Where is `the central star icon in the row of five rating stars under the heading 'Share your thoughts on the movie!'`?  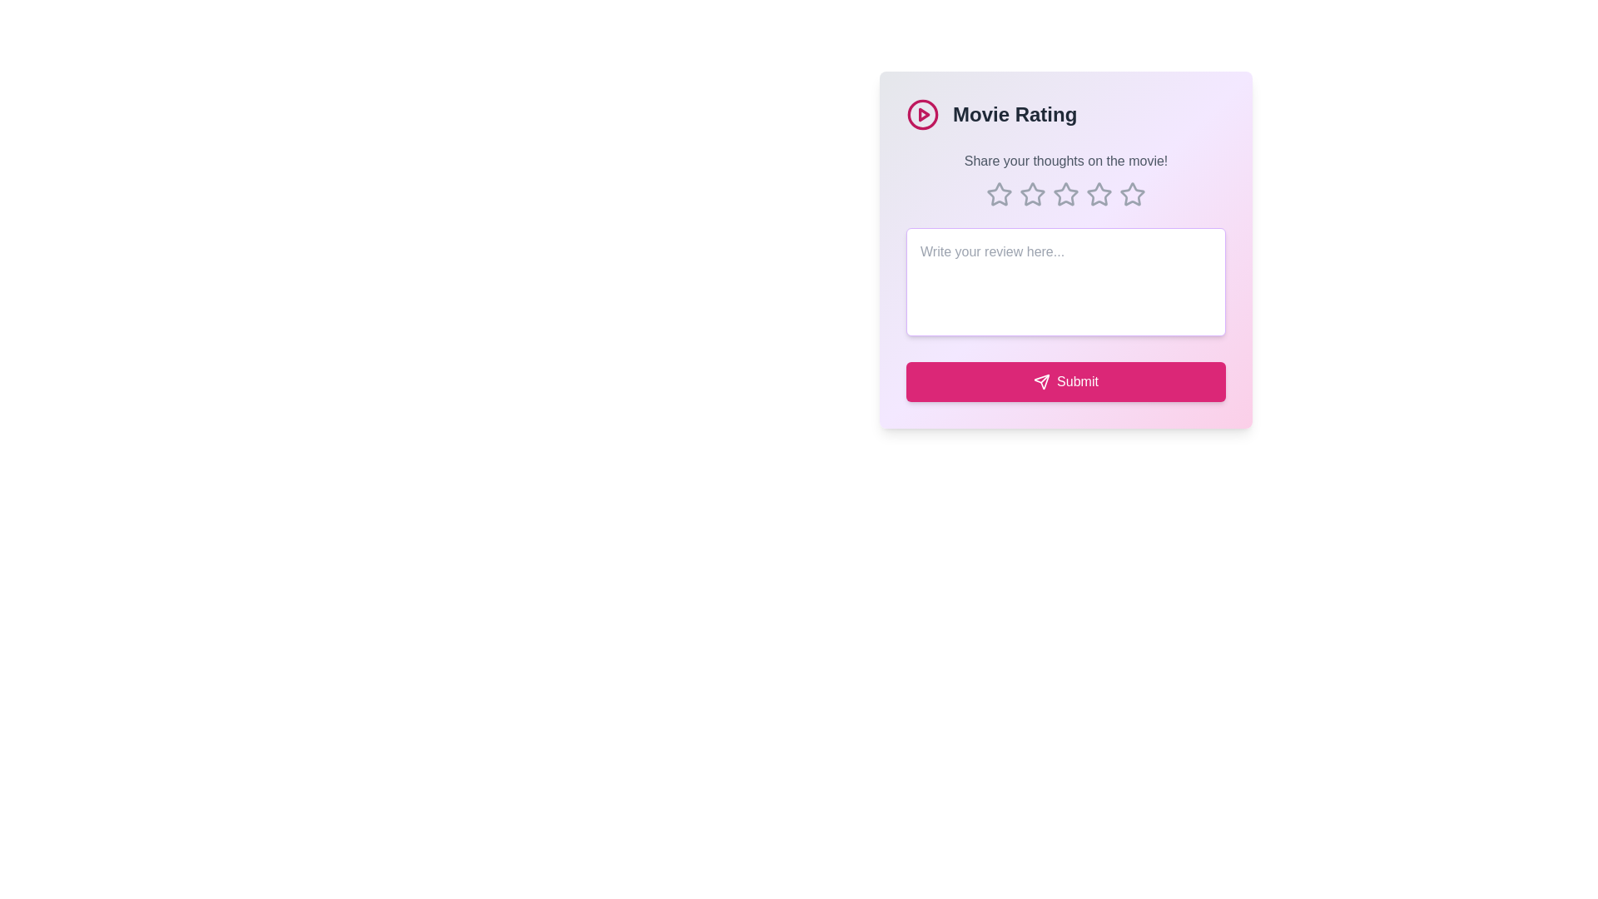 the central star icon in the row of five rating stars under the heading 'Share your thoughts on the movie!' is located at coordinates (1066, 194).